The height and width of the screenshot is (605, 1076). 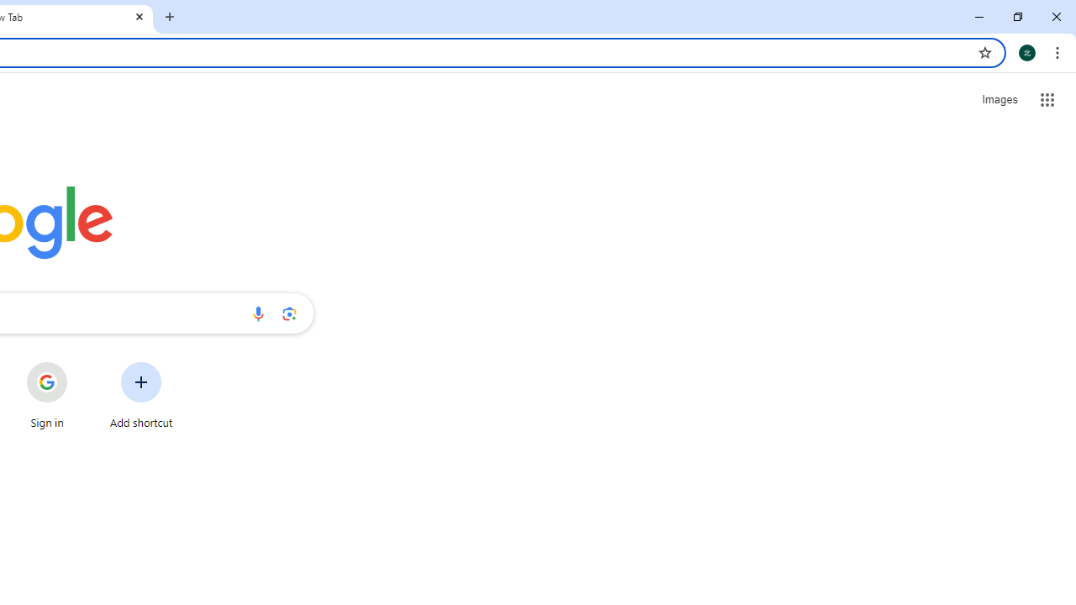 What do you see at coordinates (1016, 17) in the screenshot?
I see `'Restore'` at bounding box center [1016, 17].